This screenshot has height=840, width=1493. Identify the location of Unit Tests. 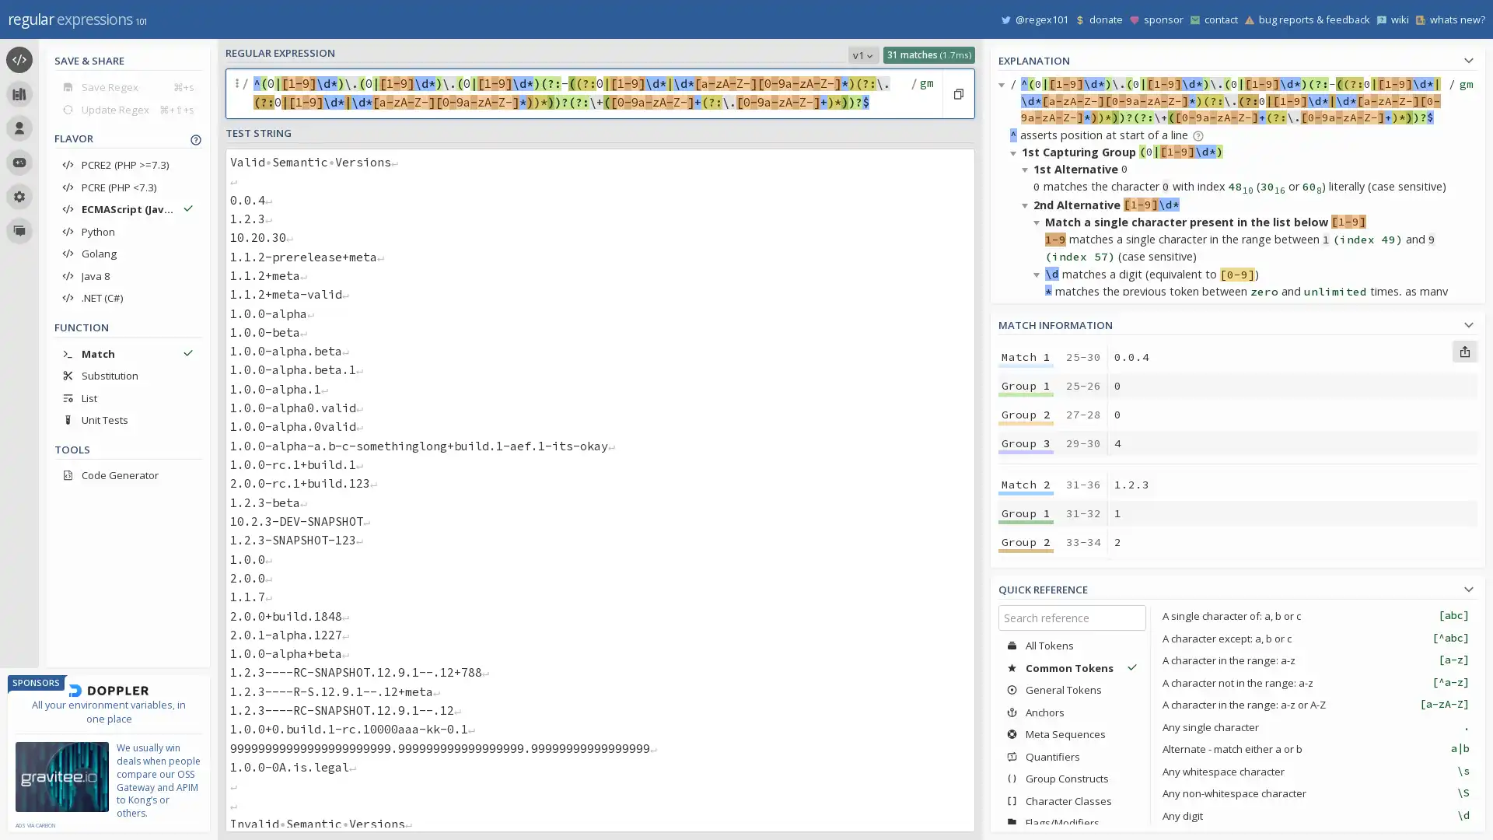
(128, 420).